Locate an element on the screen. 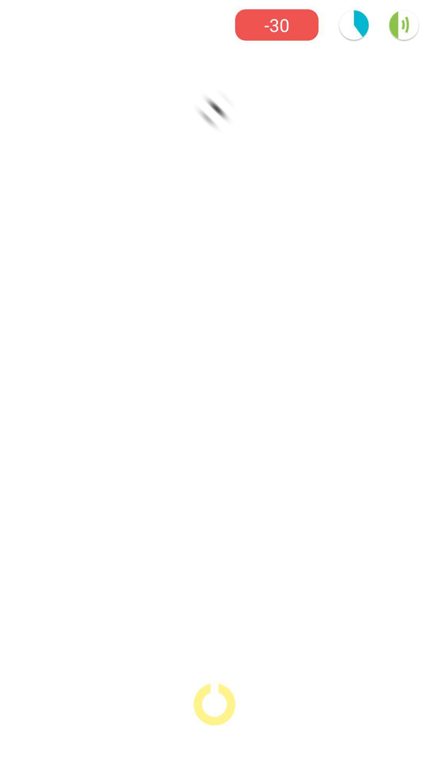 The height and width of the screenshot is (764, 429). the power icon is located at coordinates (214, 704).